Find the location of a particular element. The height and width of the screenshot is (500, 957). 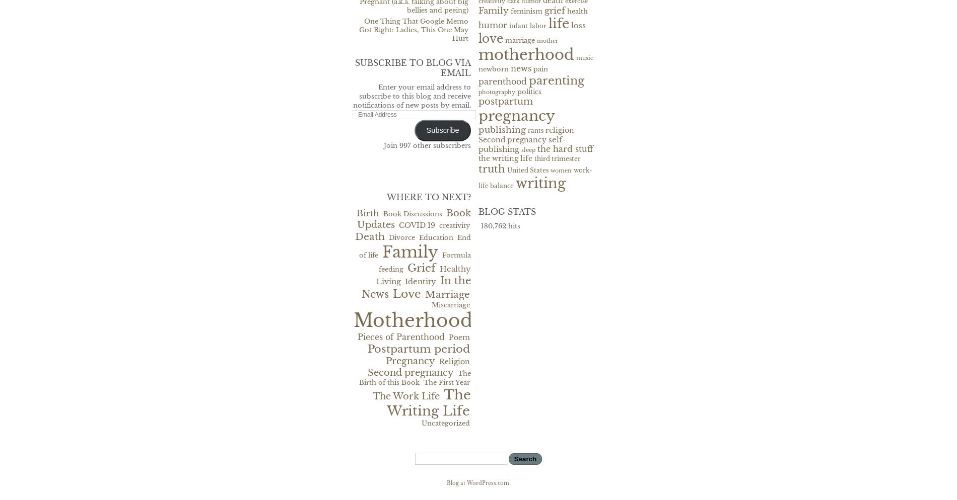

'mother' is located at coordinates (537, 40).